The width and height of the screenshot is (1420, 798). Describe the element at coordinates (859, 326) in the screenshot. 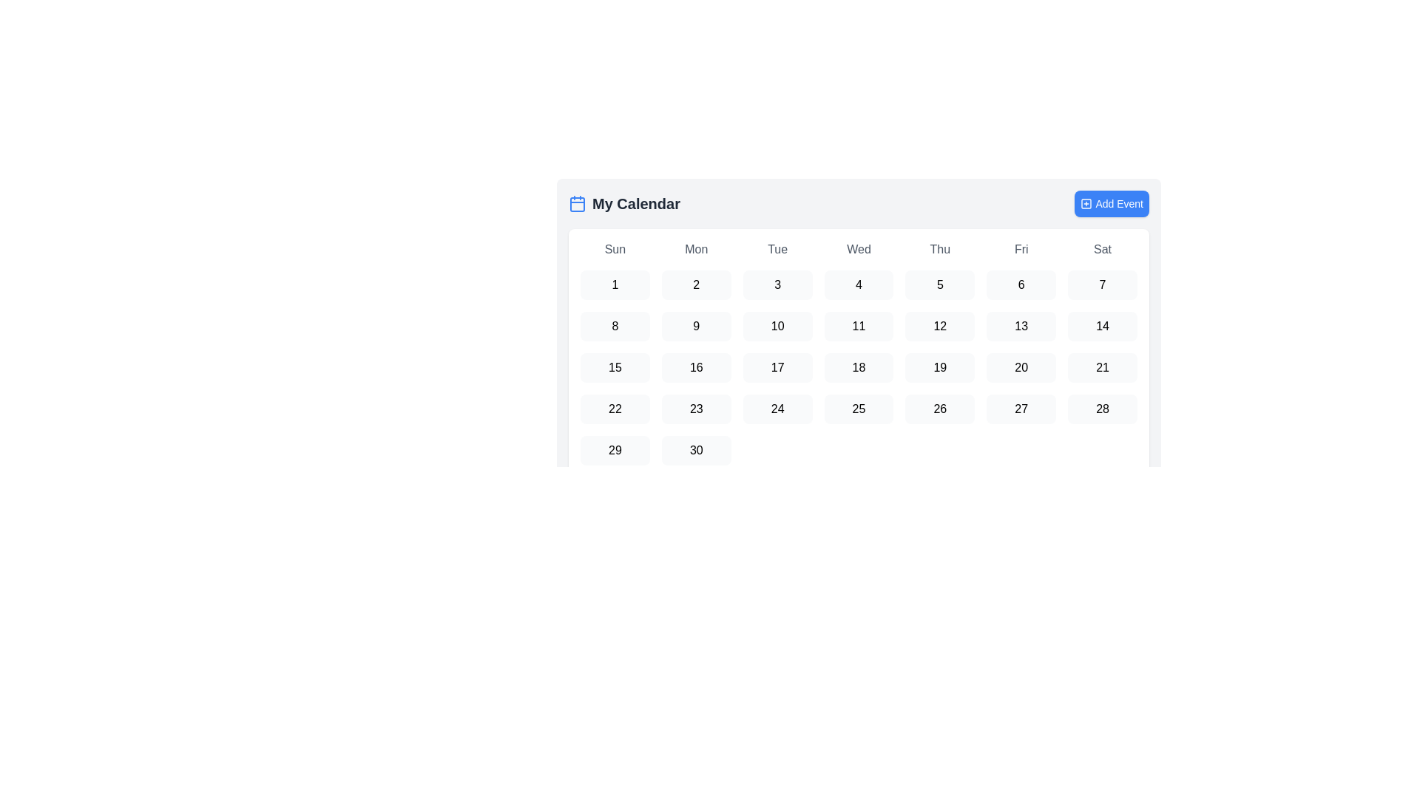

I see `the clickable calendar day element representing the date '11' in the calendar view` at that location.